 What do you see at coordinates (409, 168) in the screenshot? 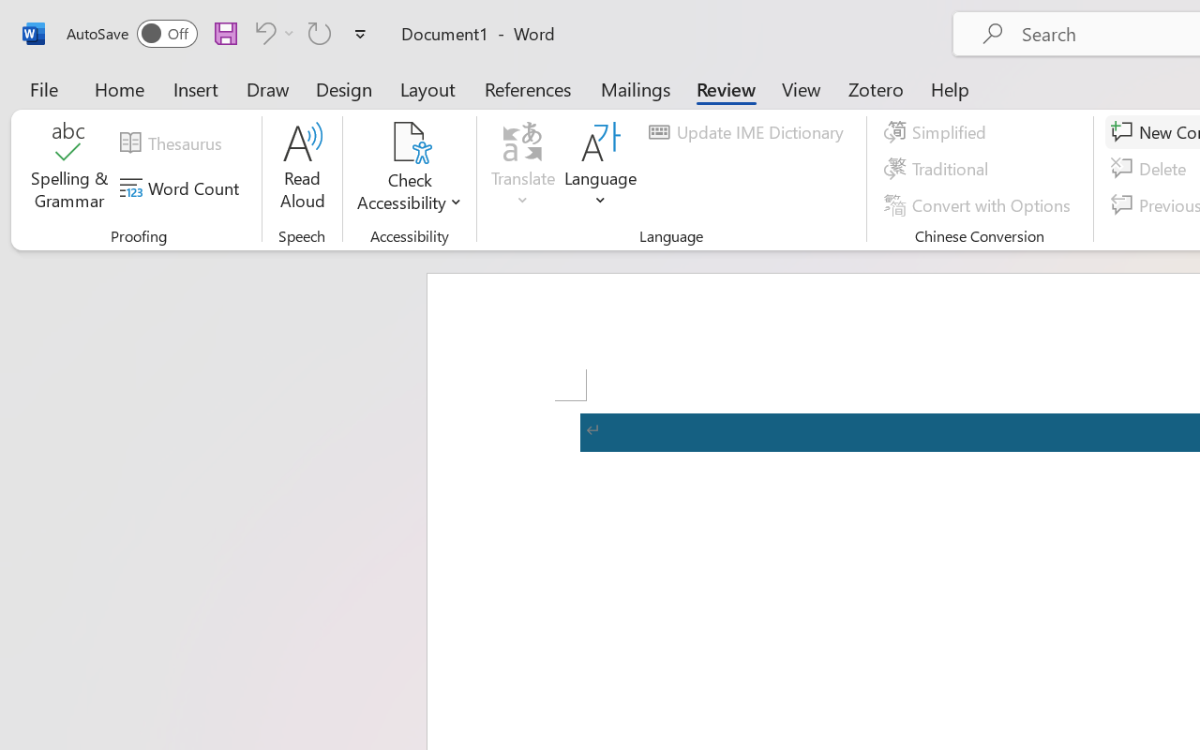
I see `'Check Accessibility'` at bounding box center [409, 168].